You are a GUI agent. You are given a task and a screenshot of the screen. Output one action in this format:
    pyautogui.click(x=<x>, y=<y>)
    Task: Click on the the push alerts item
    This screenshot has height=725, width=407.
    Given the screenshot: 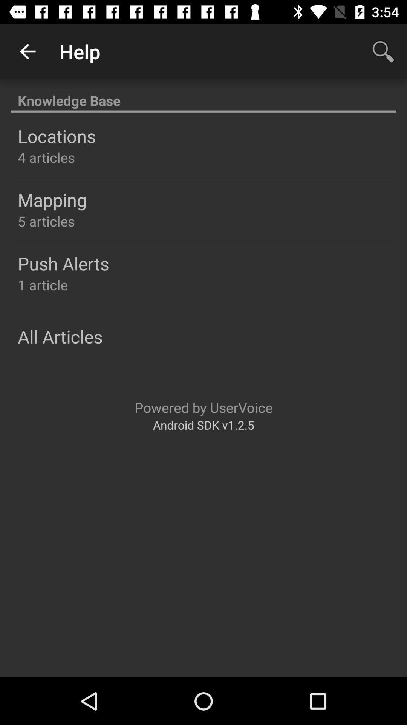 What is the action you would take?
    pyautogui.click(x=63, y=263)
    